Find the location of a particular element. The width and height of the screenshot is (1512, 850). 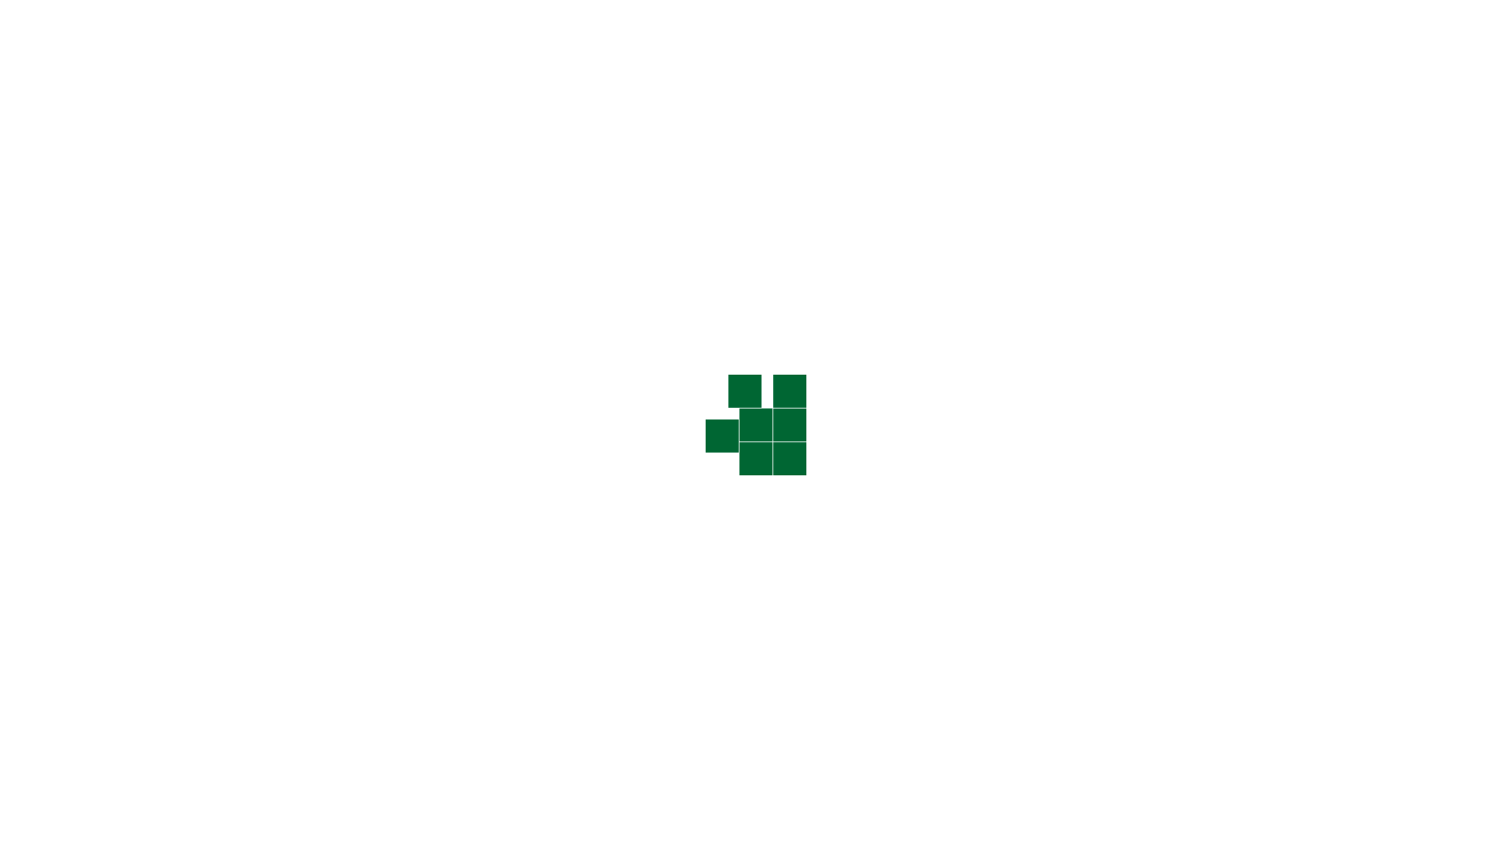

'How to Choose the Right Tree Removal Company in Adelaide?' is located at coordinates (1081, 697).